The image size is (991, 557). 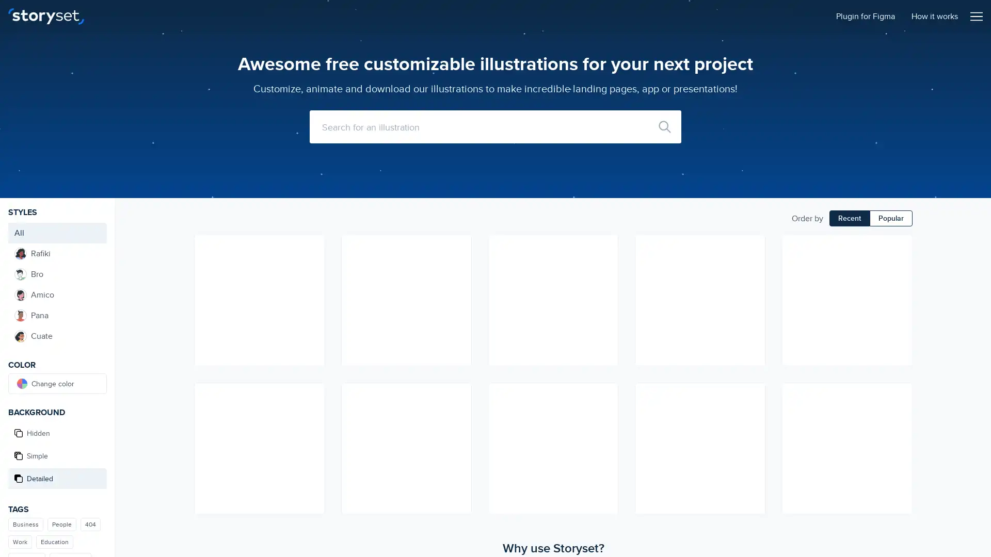 I want to click on Hidden, so click(x=57, y=433).